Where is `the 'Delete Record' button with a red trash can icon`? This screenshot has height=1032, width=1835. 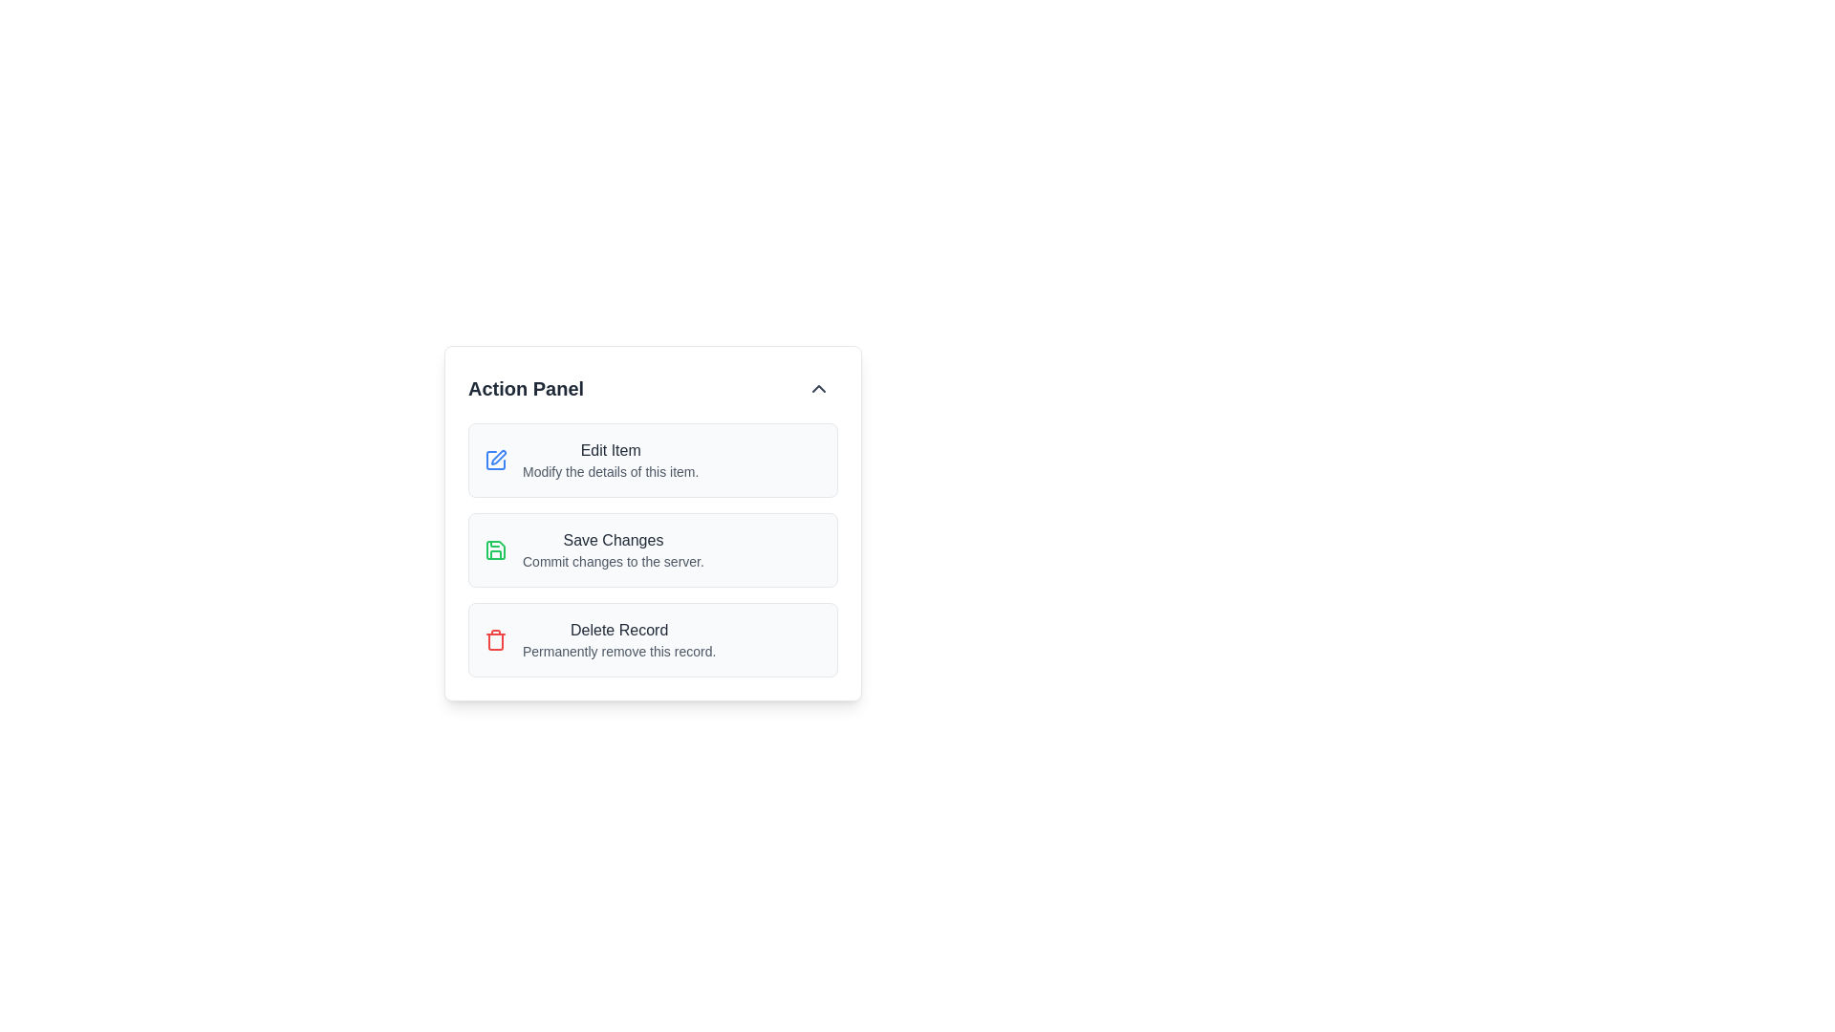 the 'Delete Record' button with a red trash can icon is located at coordinates (653, 640).